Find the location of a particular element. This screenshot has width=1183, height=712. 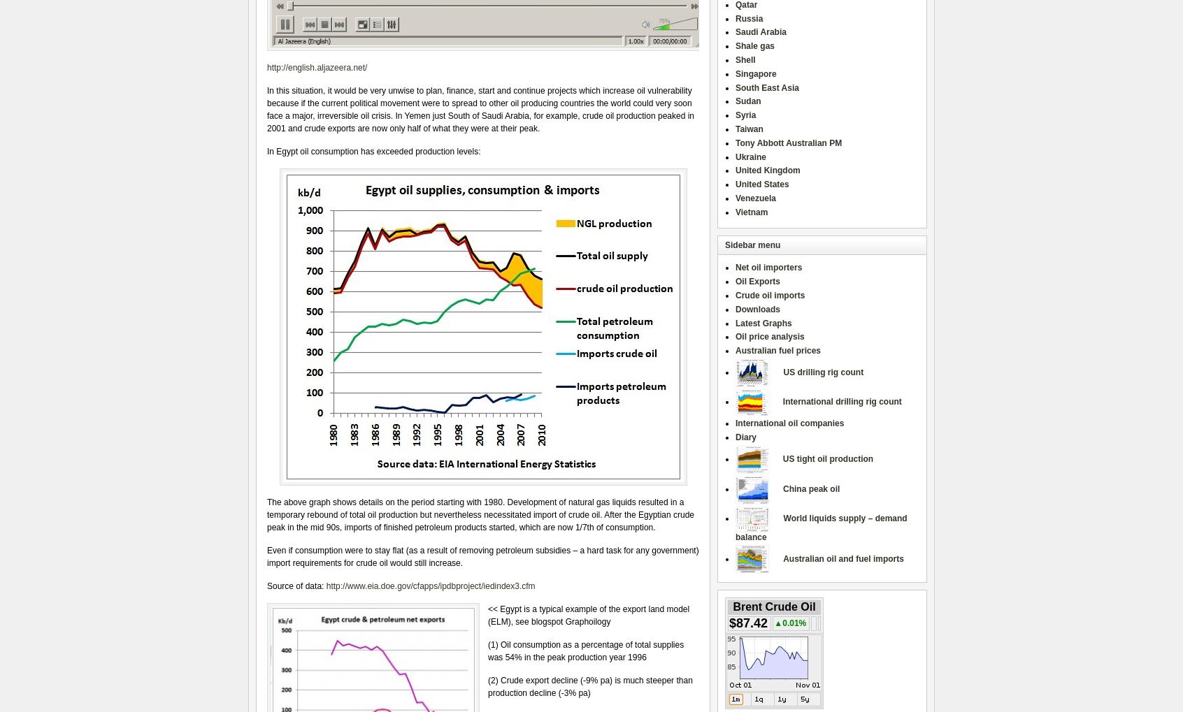

'Latest Graphs' is located at coordinates (763, 323).